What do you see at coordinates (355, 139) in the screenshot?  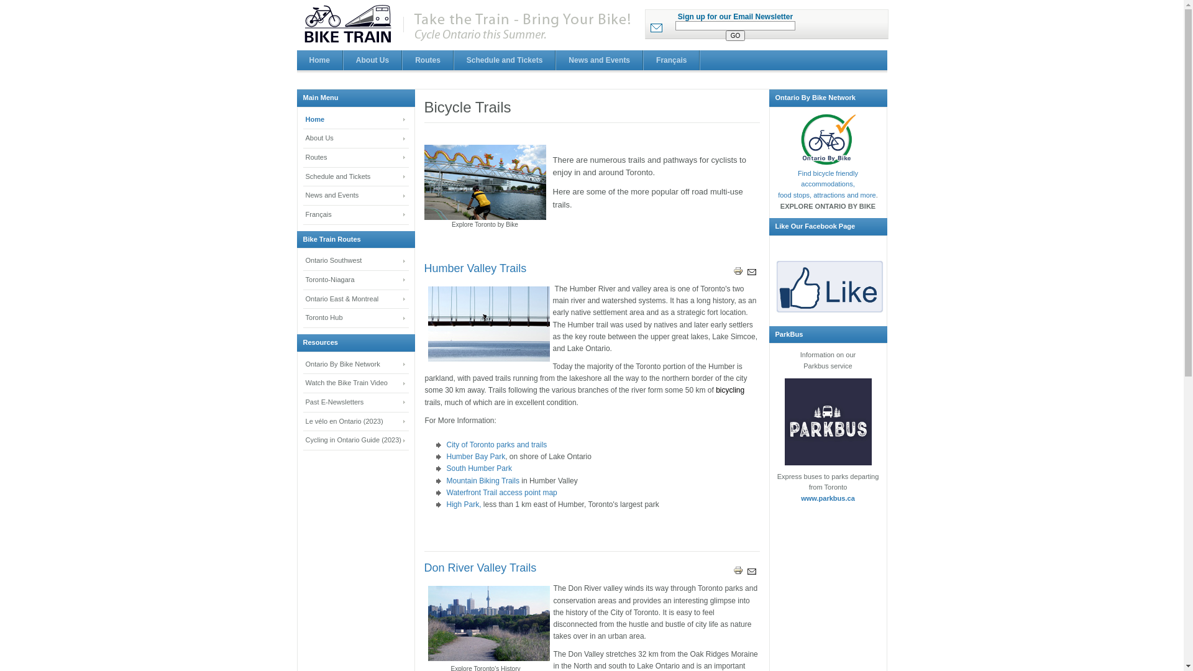 I see `'About Us'` at bounding box center [355, 139].